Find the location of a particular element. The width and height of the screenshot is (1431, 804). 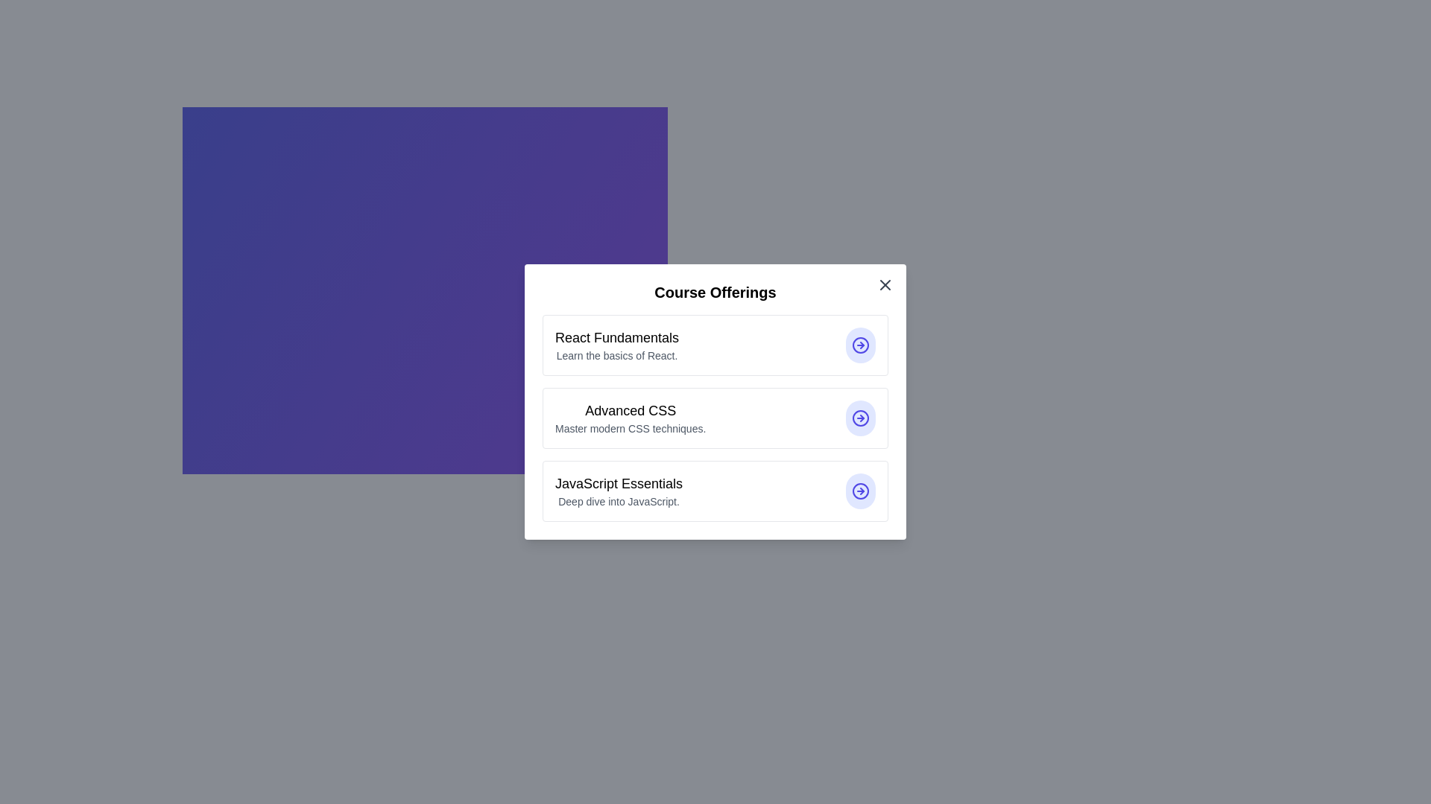

the circular button styled as a rightward-pointing arrow, located in the 'Advanced CSS' section of the 'Course Offerings' modal for keyboard navigation is located at coordinates (861, 418).